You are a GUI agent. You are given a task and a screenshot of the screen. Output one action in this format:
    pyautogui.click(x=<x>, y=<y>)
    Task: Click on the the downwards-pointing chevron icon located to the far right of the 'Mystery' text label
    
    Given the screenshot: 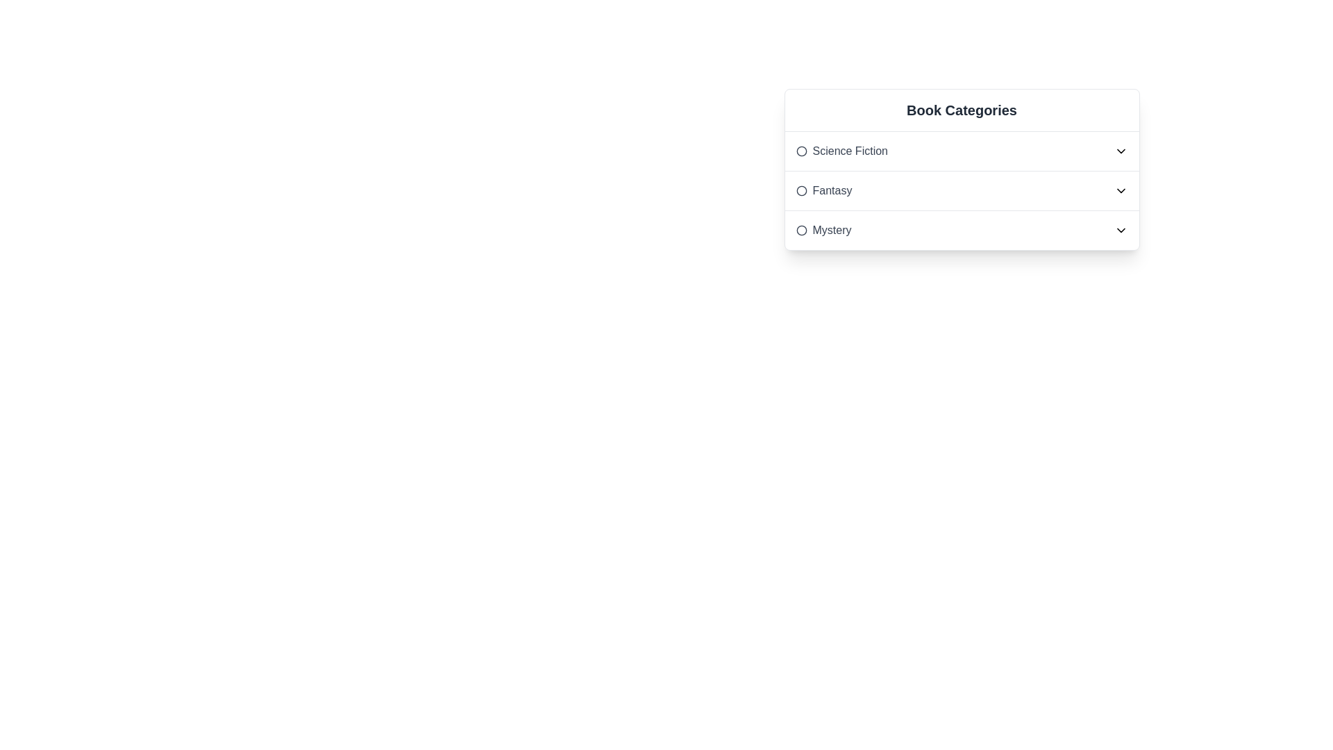 What is the action you would take?
    pyautogui.click(x=1121, y=229)
    